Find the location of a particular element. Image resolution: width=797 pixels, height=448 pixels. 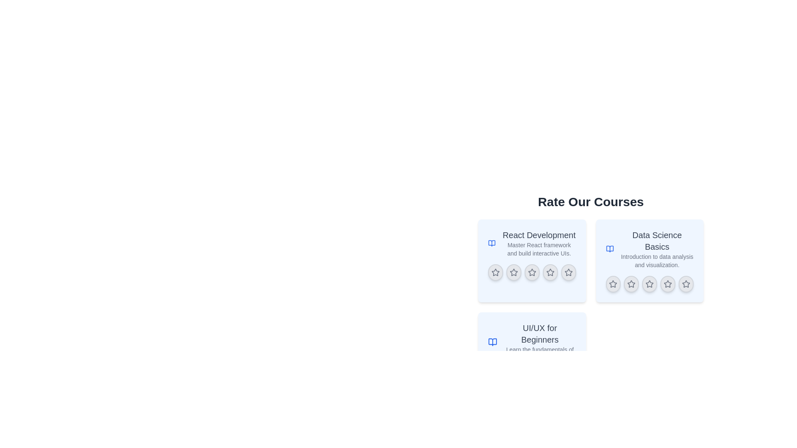

the icon representing the 'Data Science Basics' course, located in the top-left corner of the course card, next to the title and above the rating stars is located at coordinates (610, 249).